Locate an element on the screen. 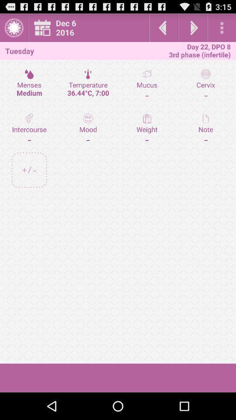 This screenshot has width=236, height=420. more options is located at coordinates (222, 28).